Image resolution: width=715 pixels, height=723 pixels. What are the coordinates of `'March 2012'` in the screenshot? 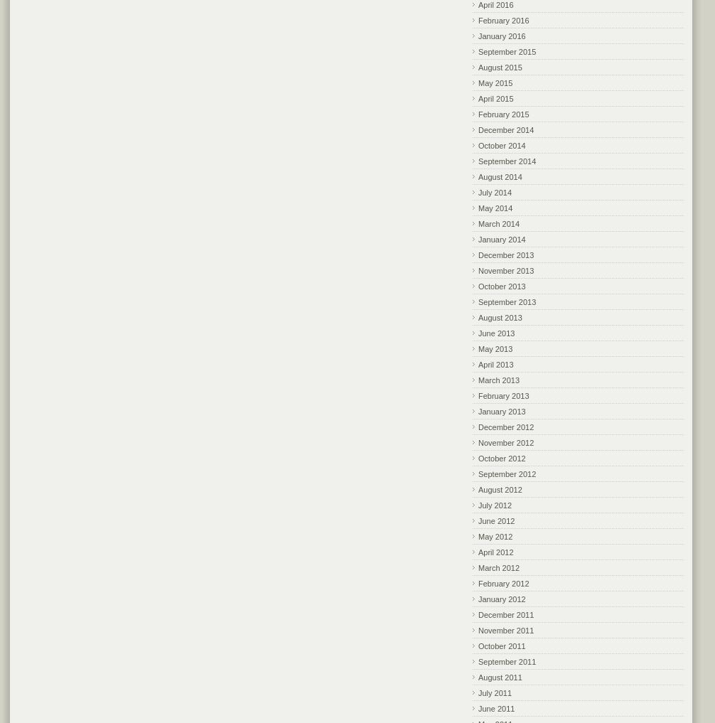 It's located at (498, 567).